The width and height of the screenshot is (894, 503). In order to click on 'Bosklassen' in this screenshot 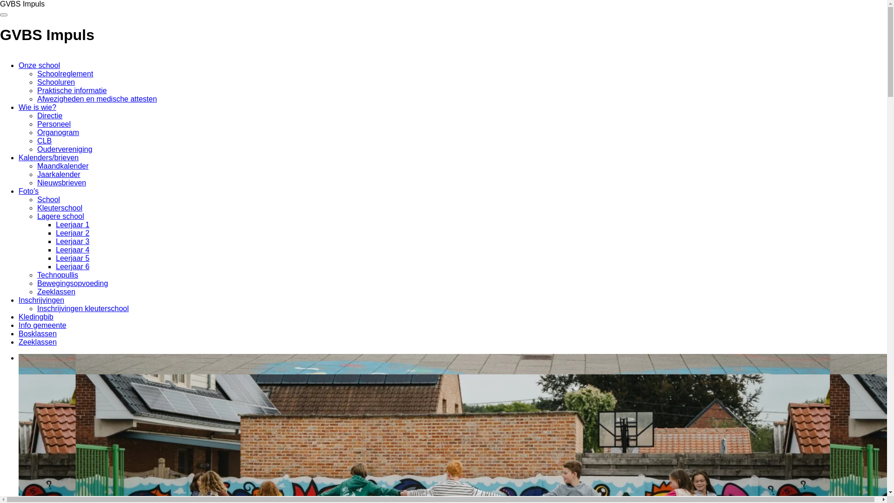, I will do `click(37, 333)`.